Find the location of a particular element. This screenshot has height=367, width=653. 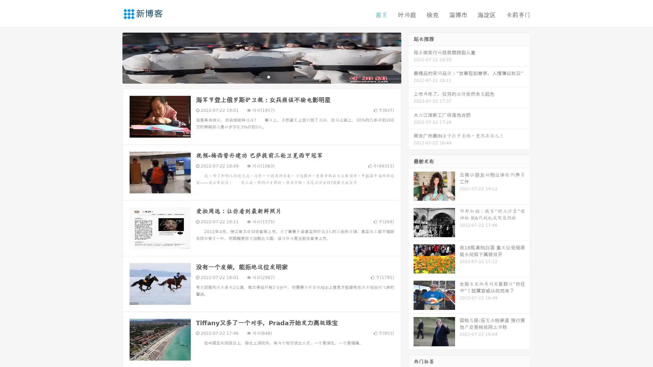

Go to slide 3 is located at coordinates (268, 76).